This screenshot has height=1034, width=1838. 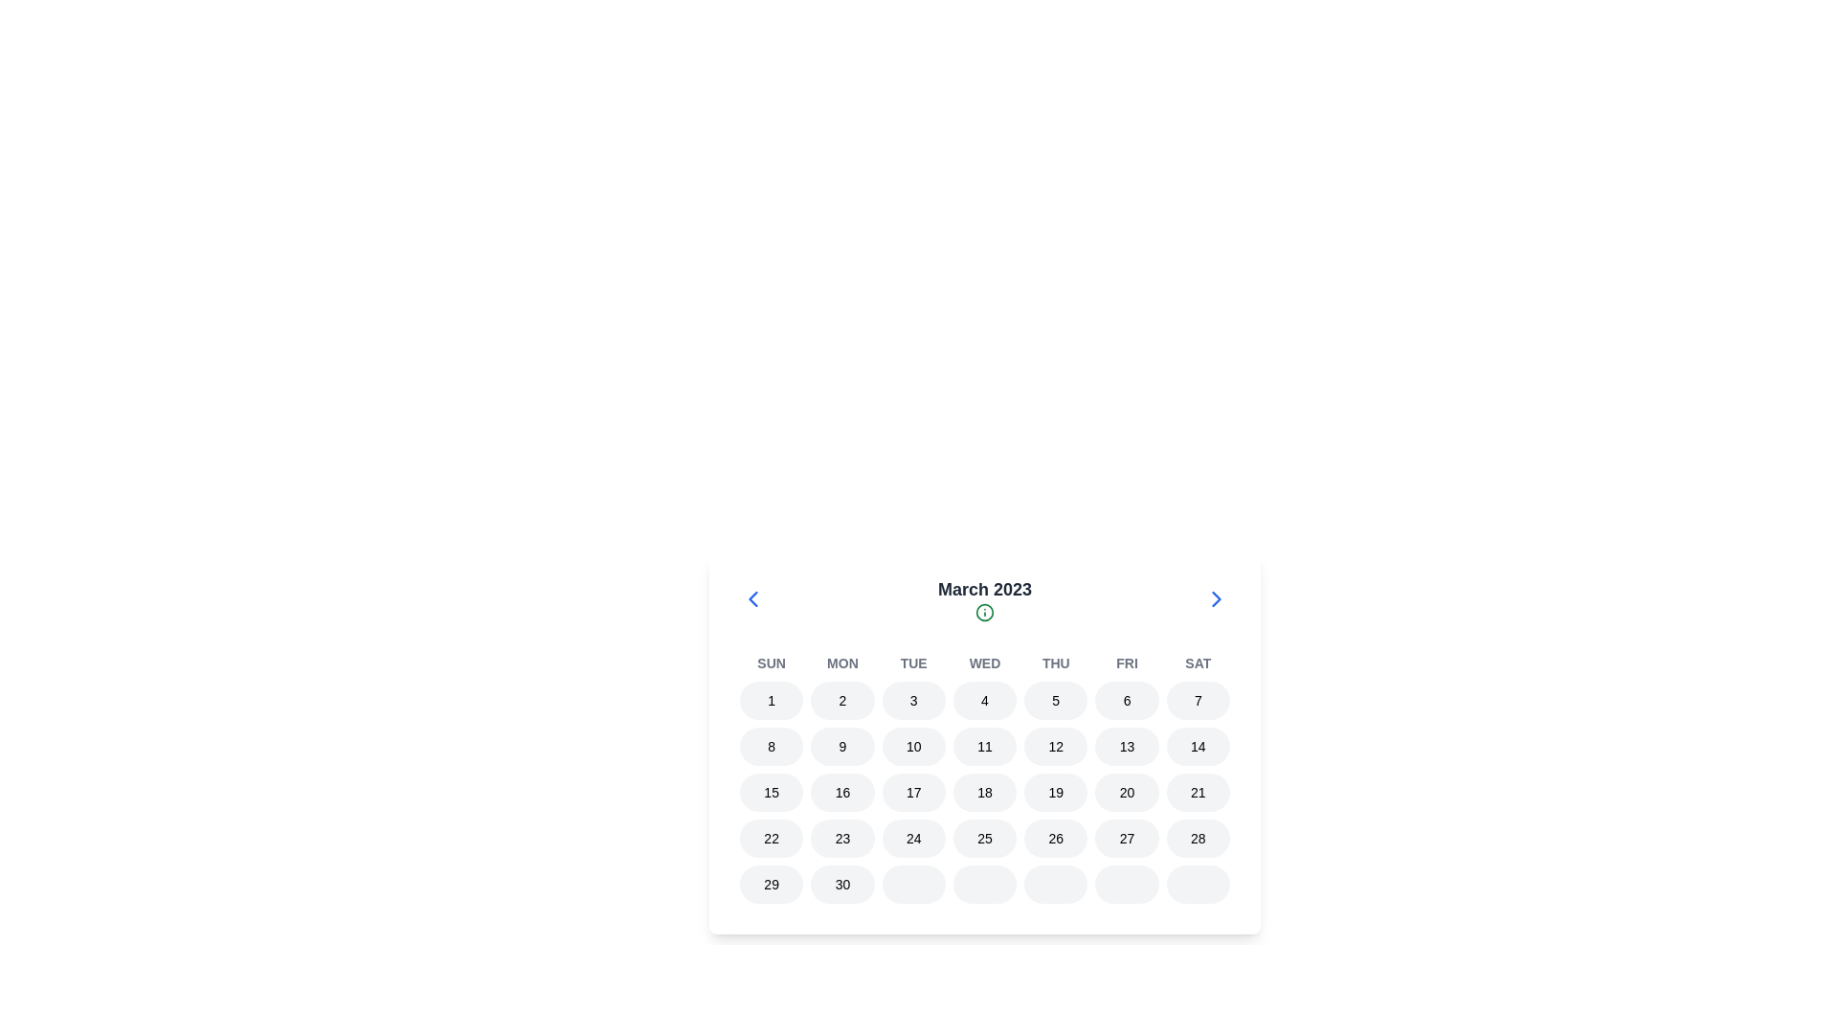 What do you see at coordinates (752, 597) in the screenshot?
I see `the left-pointing chevron arrow icon in the SVG element` at bounding box center [752, 597].